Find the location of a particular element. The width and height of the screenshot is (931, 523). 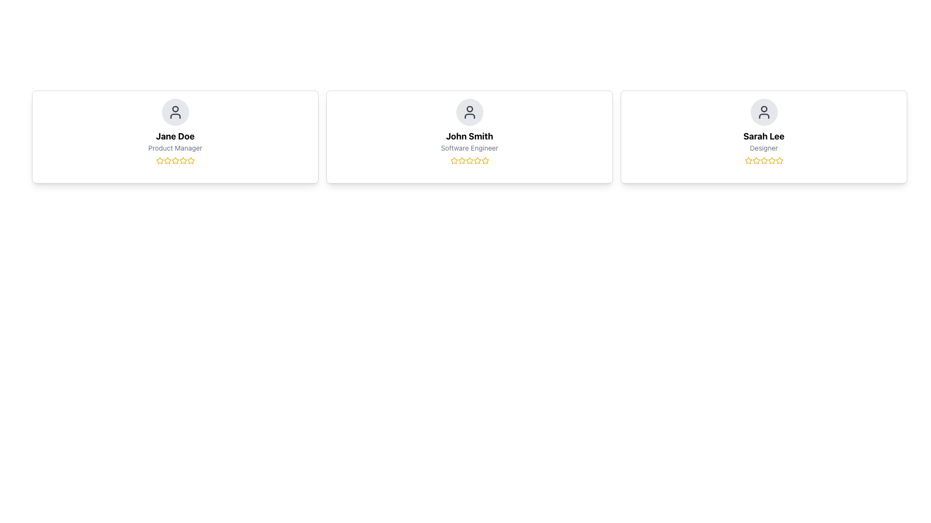

the fifth star in the five-star rating system for 'Sarah Lee' to provide a rating is located at coordinates (771, 160).